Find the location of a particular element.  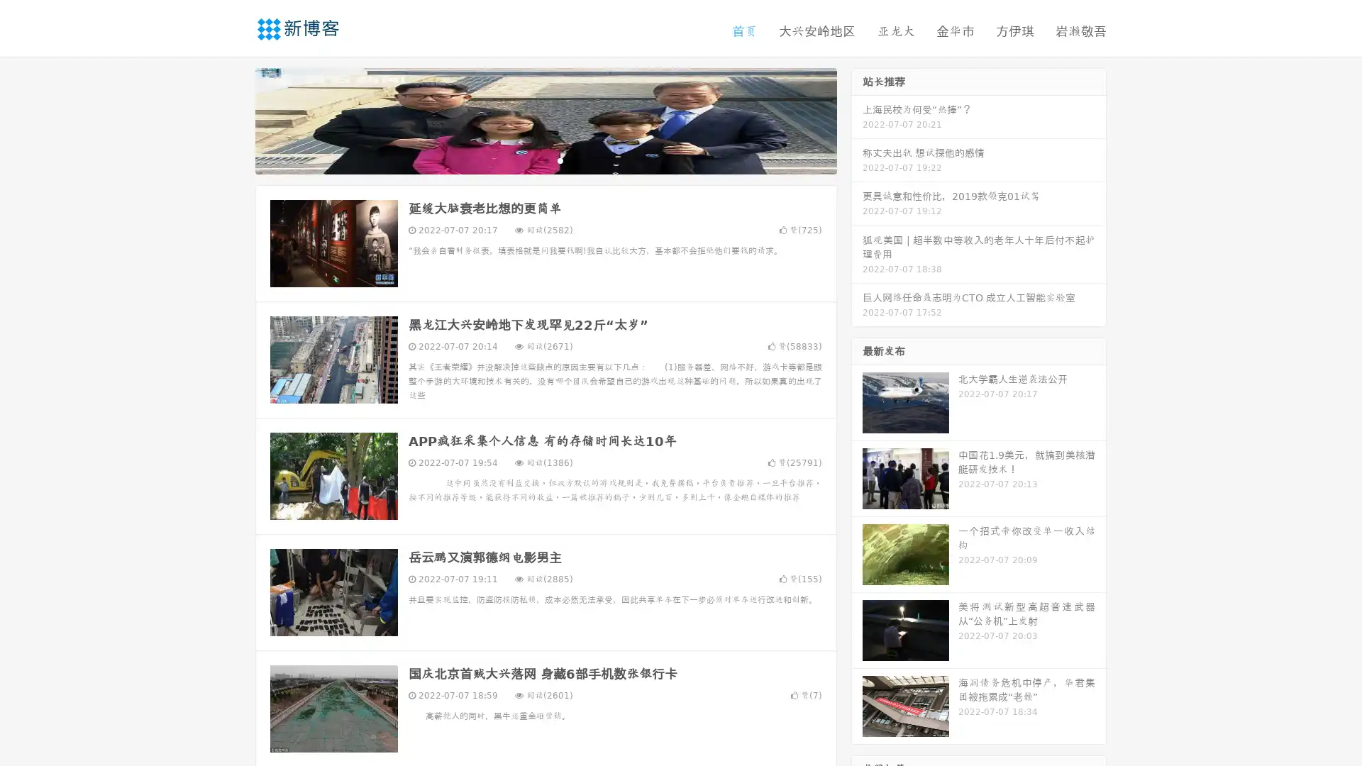

Go to slide 1 is located at coordinates (531, 160).